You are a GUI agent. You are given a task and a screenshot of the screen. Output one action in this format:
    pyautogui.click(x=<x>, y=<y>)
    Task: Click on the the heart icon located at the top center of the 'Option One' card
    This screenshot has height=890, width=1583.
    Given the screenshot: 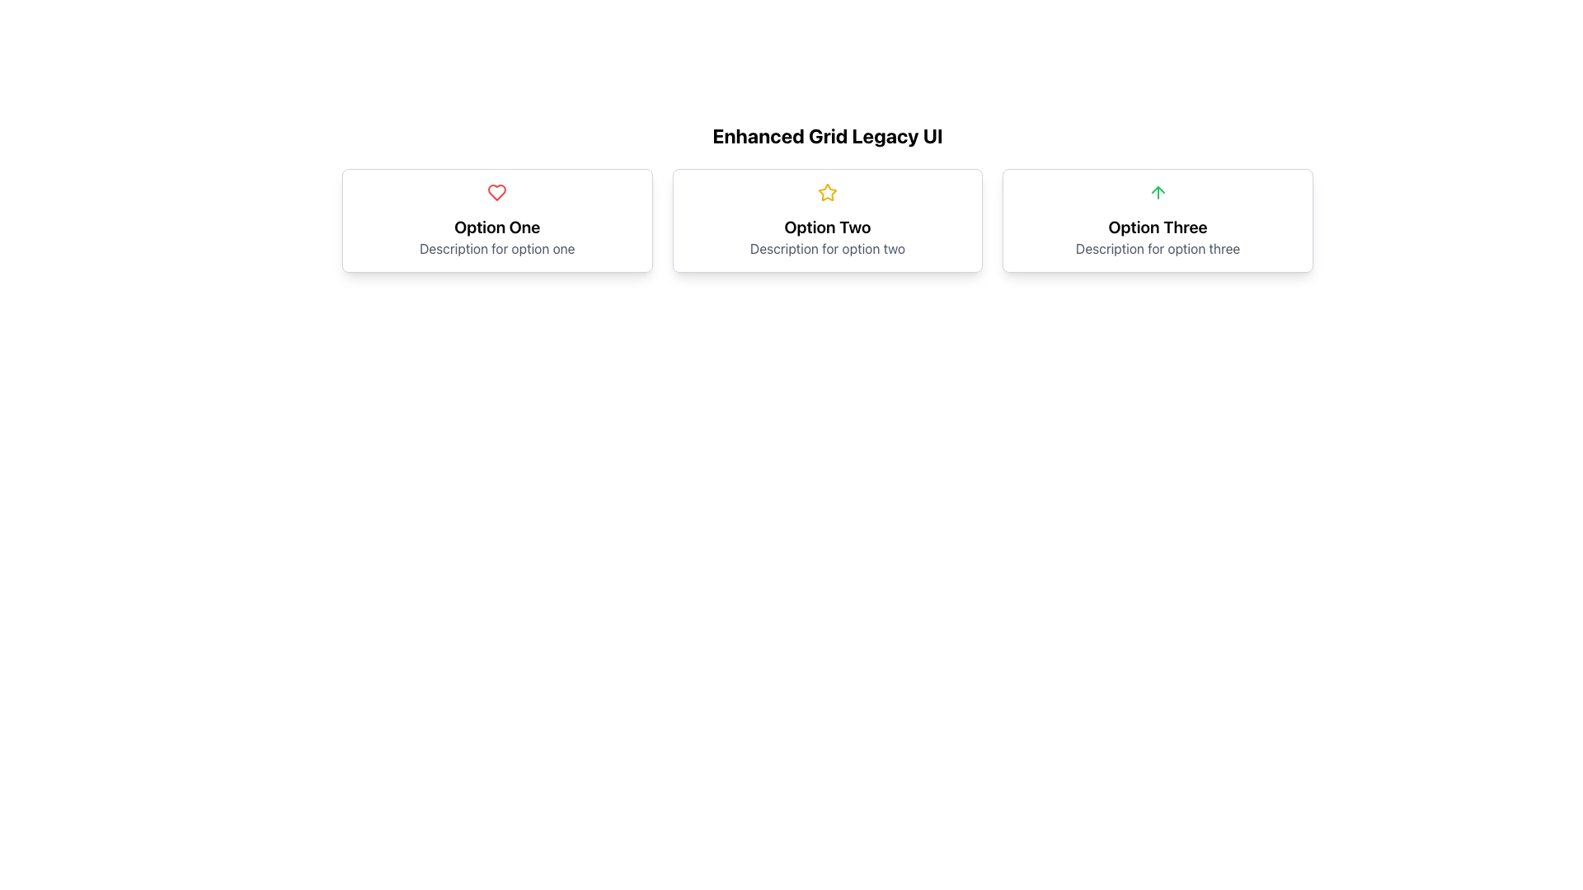 What is the action you would take?
    pyautogui.click(x=496, y=192)
    